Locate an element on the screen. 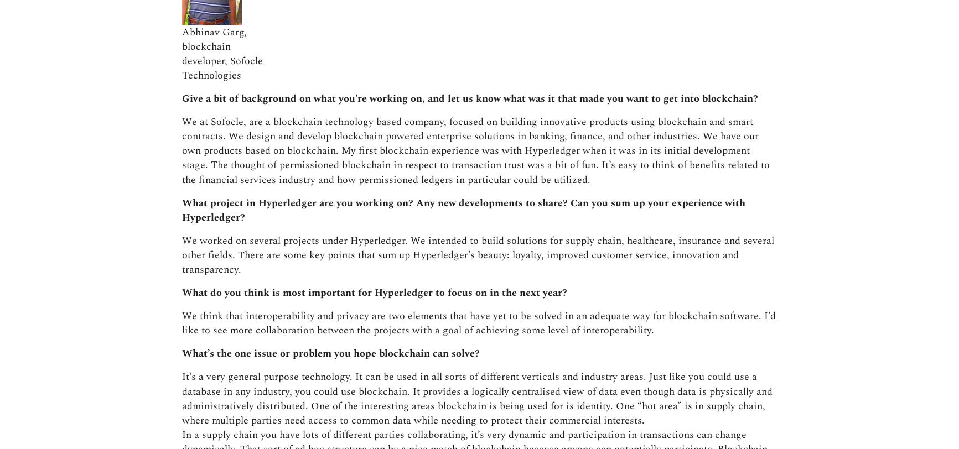 The width and height of the screenshot is (959, 449). 'What’s the one issue or problem you hope blockchain can solve?' is located at coordinates (181, 122).